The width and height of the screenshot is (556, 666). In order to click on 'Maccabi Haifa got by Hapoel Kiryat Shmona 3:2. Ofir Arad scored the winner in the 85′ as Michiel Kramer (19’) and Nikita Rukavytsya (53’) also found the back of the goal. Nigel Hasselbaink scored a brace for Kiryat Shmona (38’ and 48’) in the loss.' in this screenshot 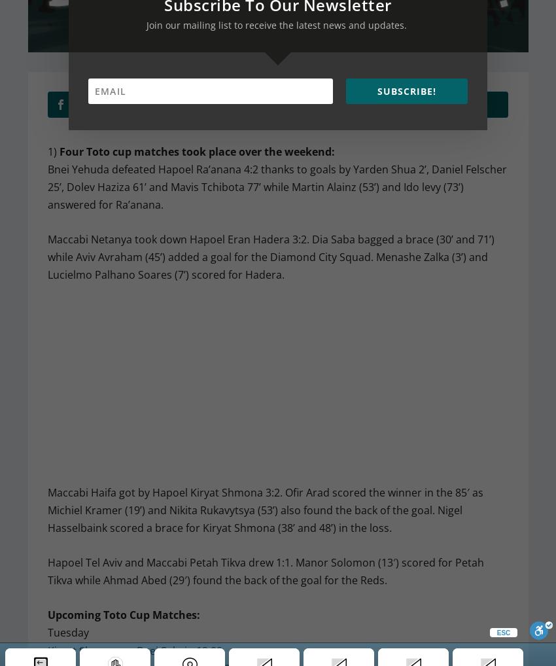, I will do `click(265, 510)`.